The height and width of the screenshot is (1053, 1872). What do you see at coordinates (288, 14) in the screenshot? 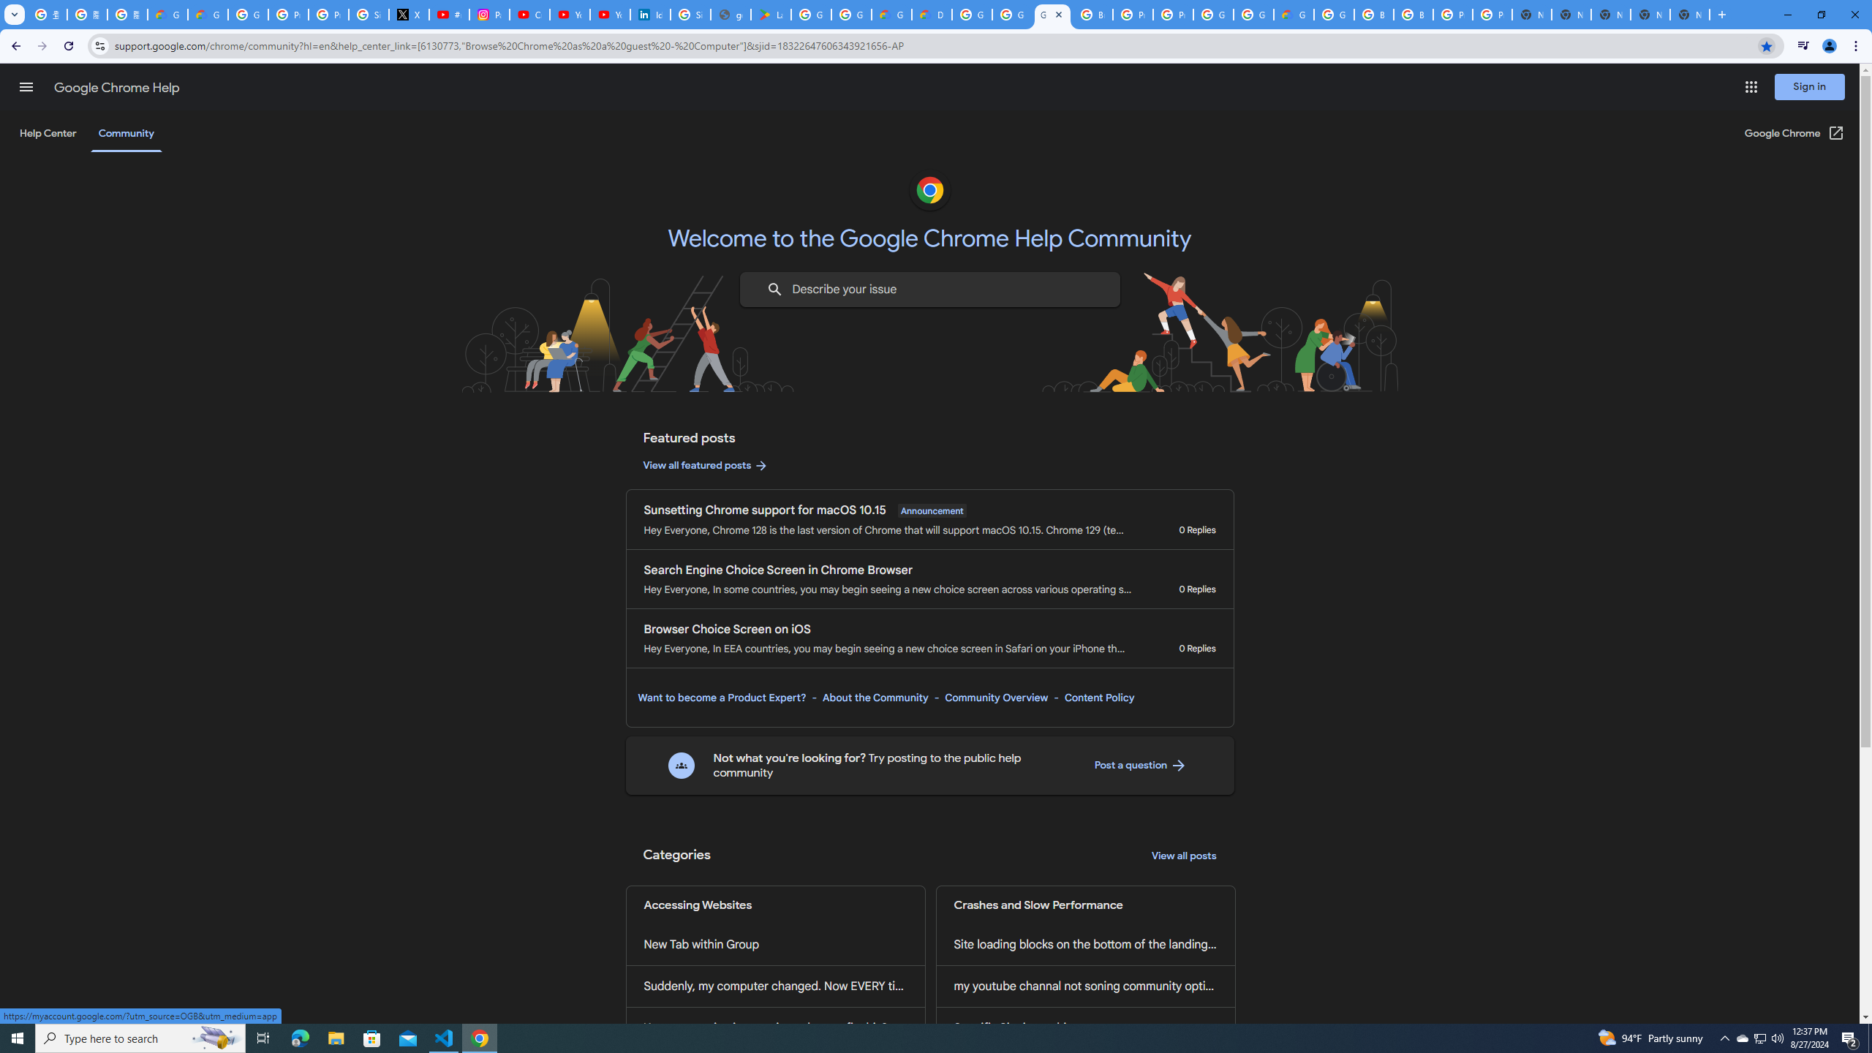
I see `'Privacy Help Center - Policies Help'` at bounding box center [288, 14].